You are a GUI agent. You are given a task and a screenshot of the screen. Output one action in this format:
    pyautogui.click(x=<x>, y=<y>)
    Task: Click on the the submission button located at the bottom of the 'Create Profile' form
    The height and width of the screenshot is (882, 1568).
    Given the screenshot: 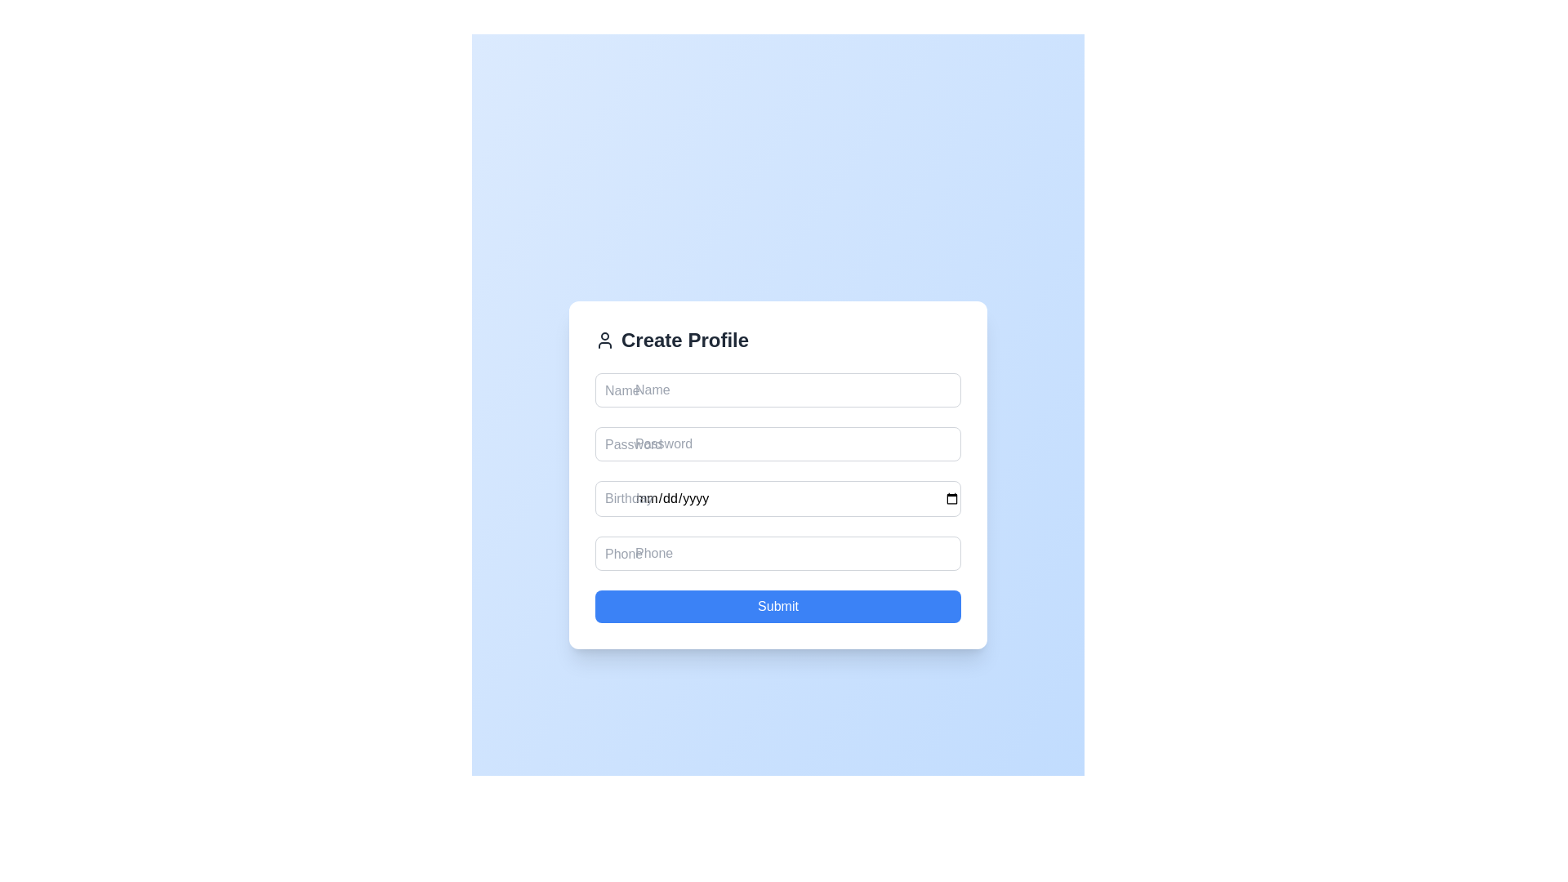 What is the action you would take?
    pyautogui.click(x=777, y=607)
    